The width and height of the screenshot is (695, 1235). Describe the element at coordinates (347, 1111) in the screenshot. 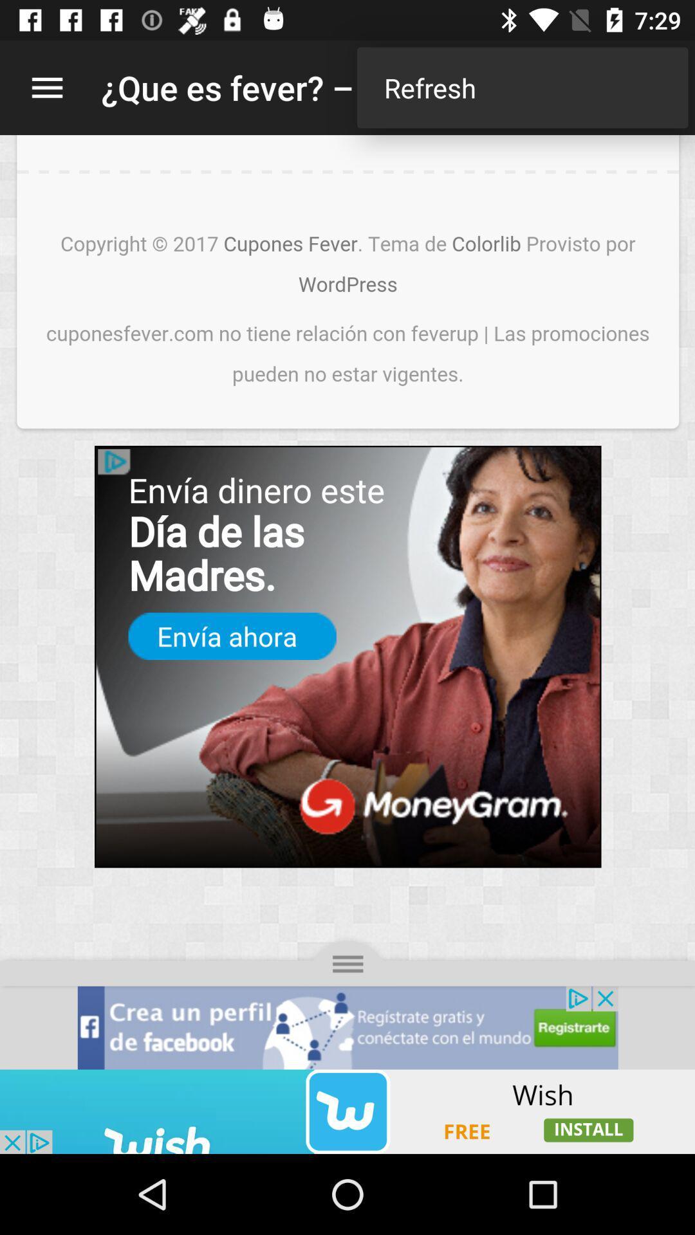

I see `advertisement` at that location.